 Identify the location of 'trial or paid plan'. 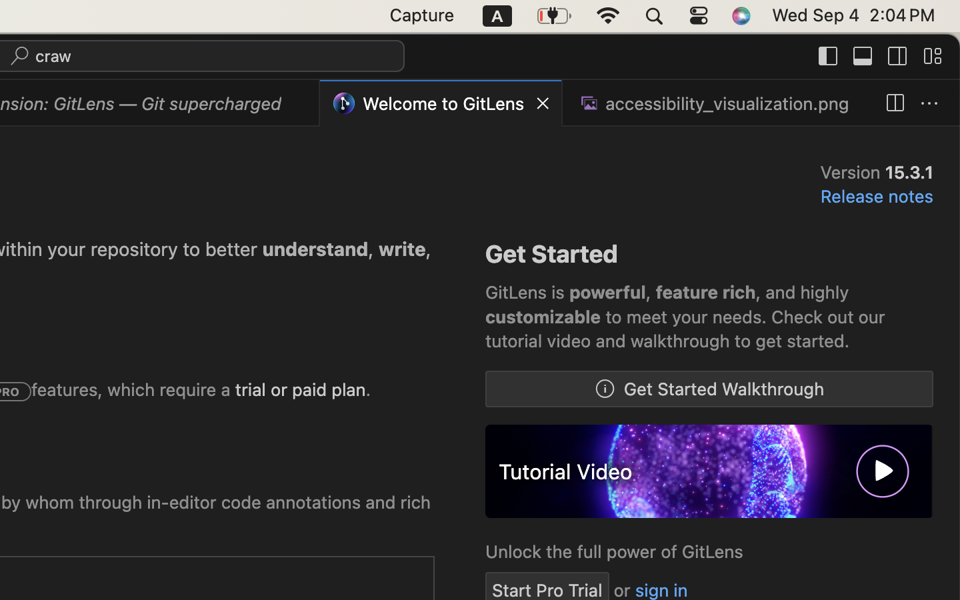
(301, 390).